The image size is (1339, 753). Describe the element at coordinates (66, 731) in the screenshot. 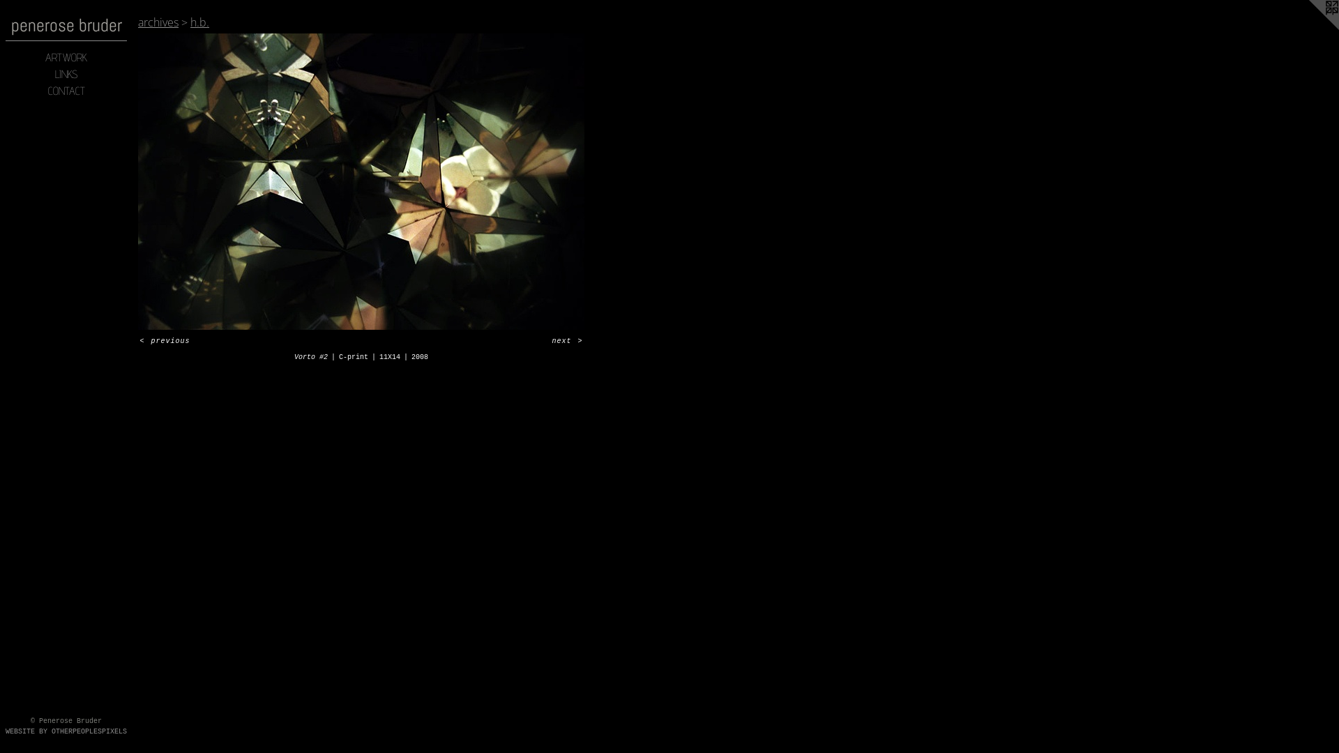

I see `'WEBSITE BY OTHERPEOPLESPIXELS'` at that location.